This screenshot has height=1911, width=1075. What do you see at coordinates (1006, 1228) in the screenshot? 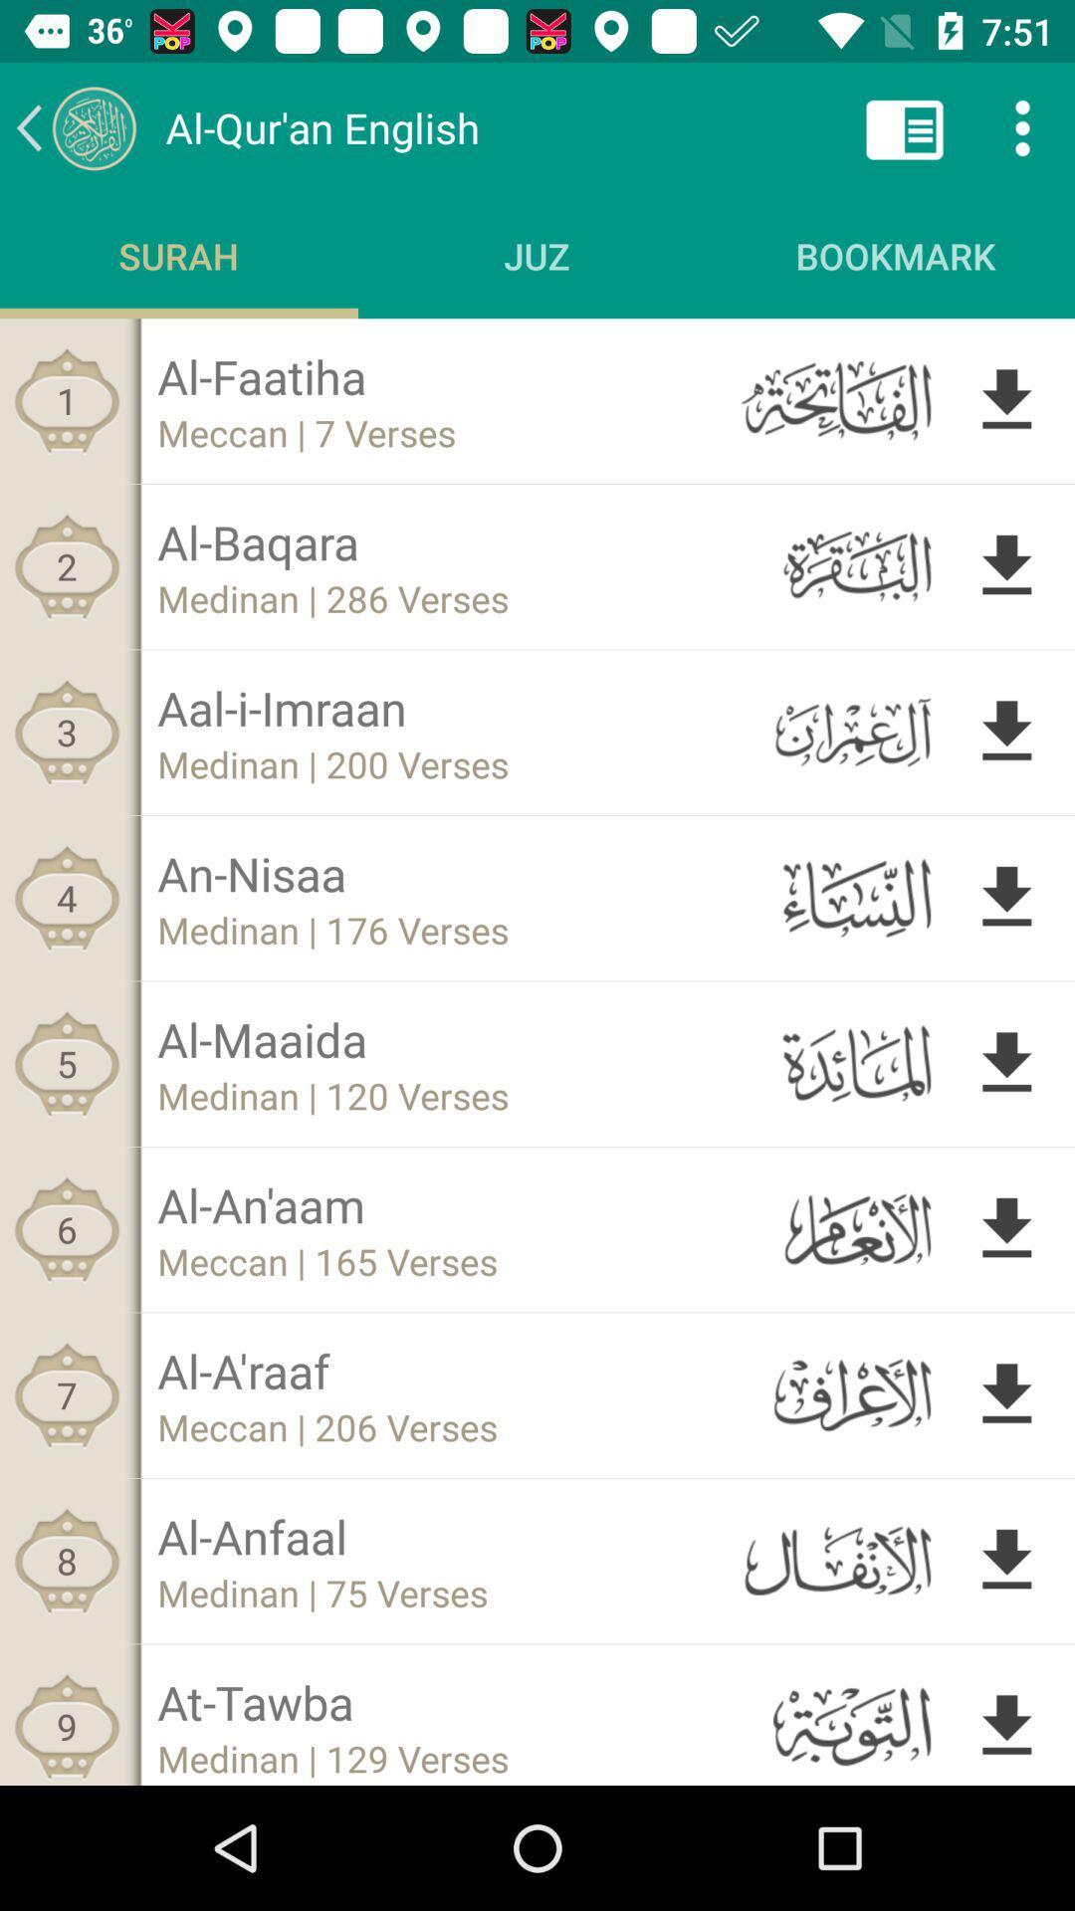
I see `download icon` at bounding box center [1006, 1228].